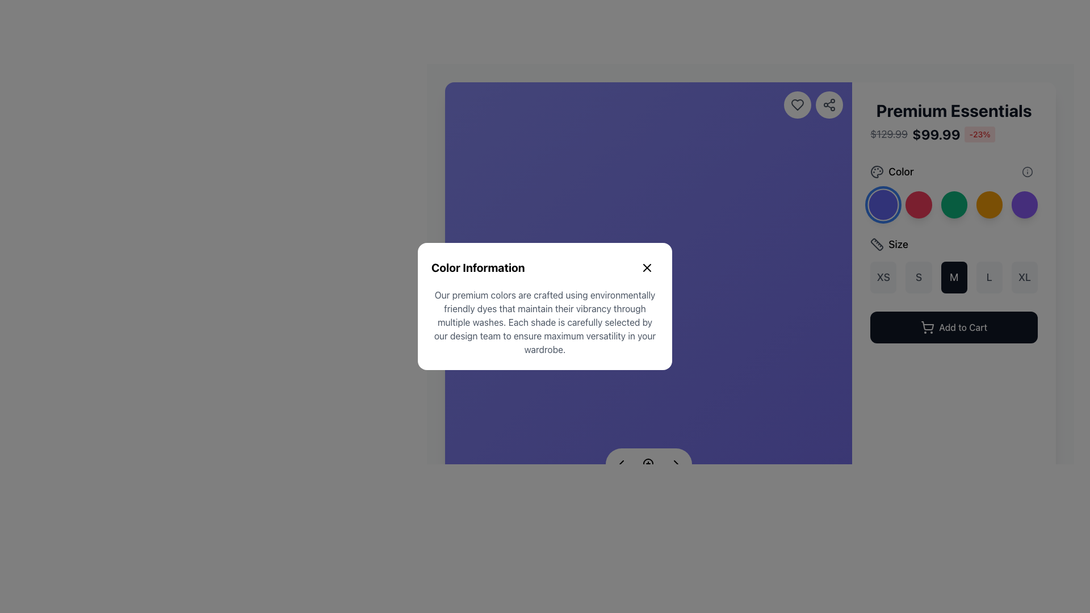 The width and height of the screenshot is (1090, 613). I want to click on the 'M' size option button located in the third position among five size buttons (XS, S, M, L, XL) beneath the 'Size' label in the product details section, so click(954, 278).